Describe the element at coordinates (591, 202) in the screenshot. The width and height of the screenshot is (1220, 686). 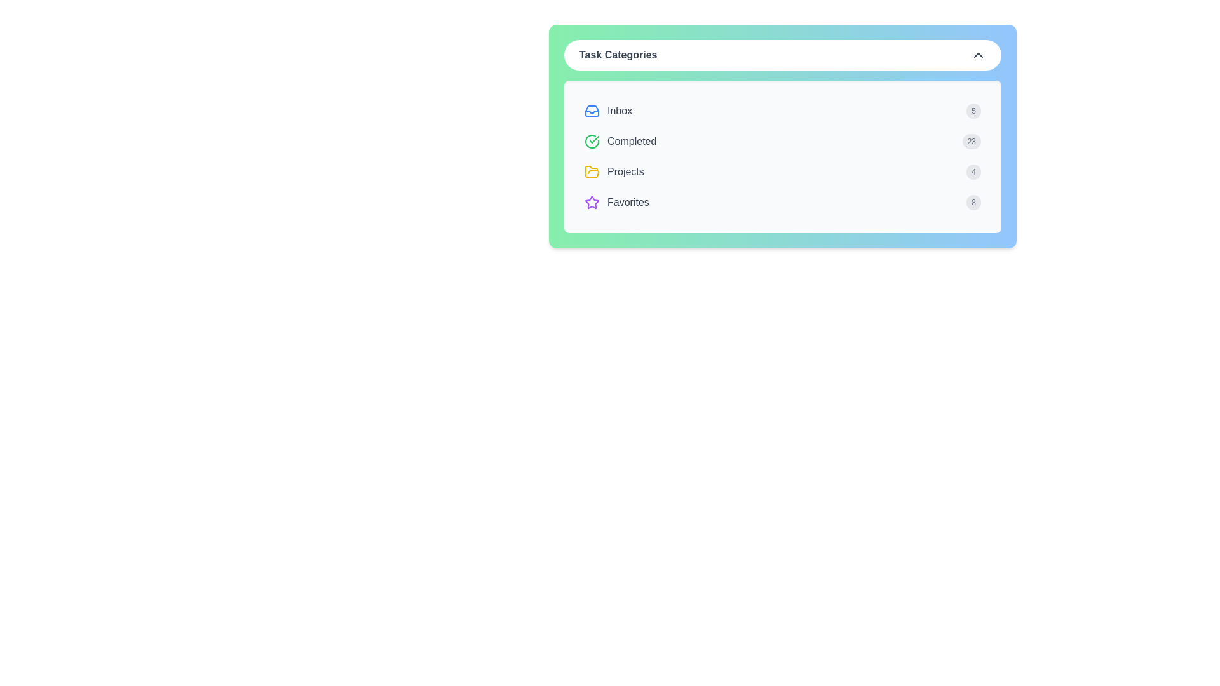
I see `the purple star icon which is positioned to the left of the 'Favorites' text label` at that location.